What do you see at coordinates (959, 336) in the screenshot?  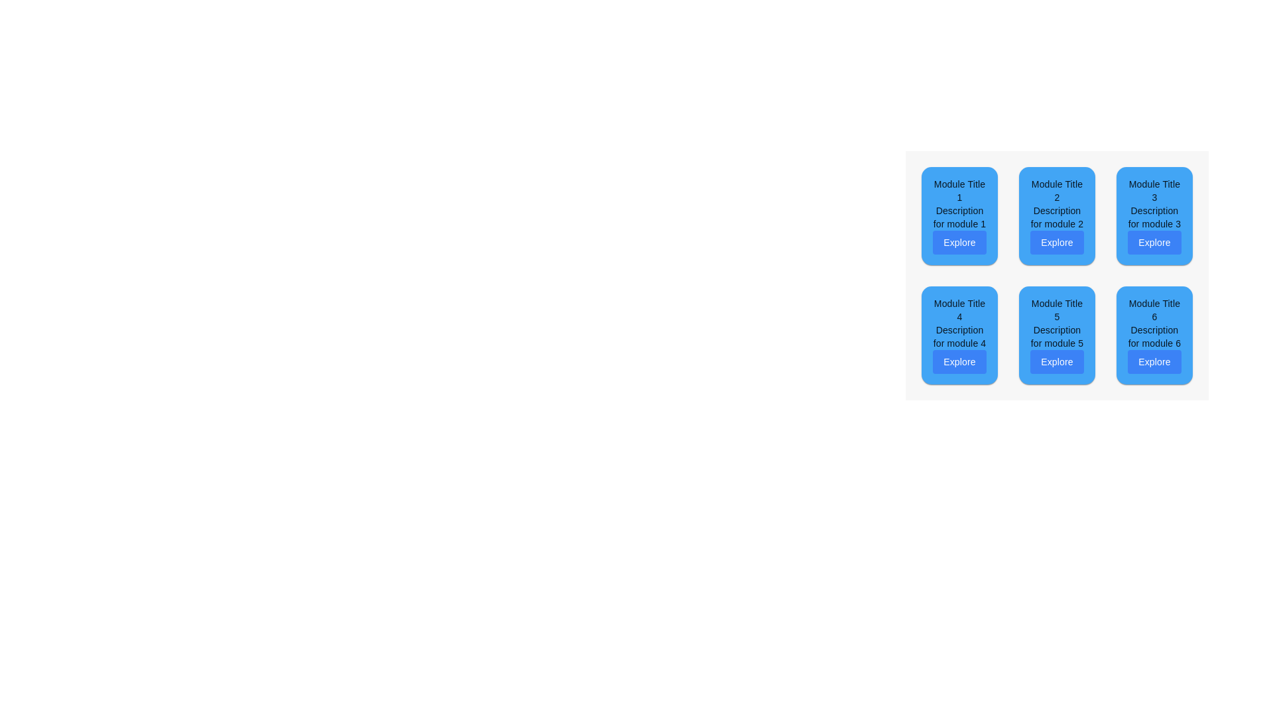 I see `the text label displaying 'Description for module 4', which is centered within the blue background of the module card labeled 'Module Title 4'` at bounding box center [959, 336].